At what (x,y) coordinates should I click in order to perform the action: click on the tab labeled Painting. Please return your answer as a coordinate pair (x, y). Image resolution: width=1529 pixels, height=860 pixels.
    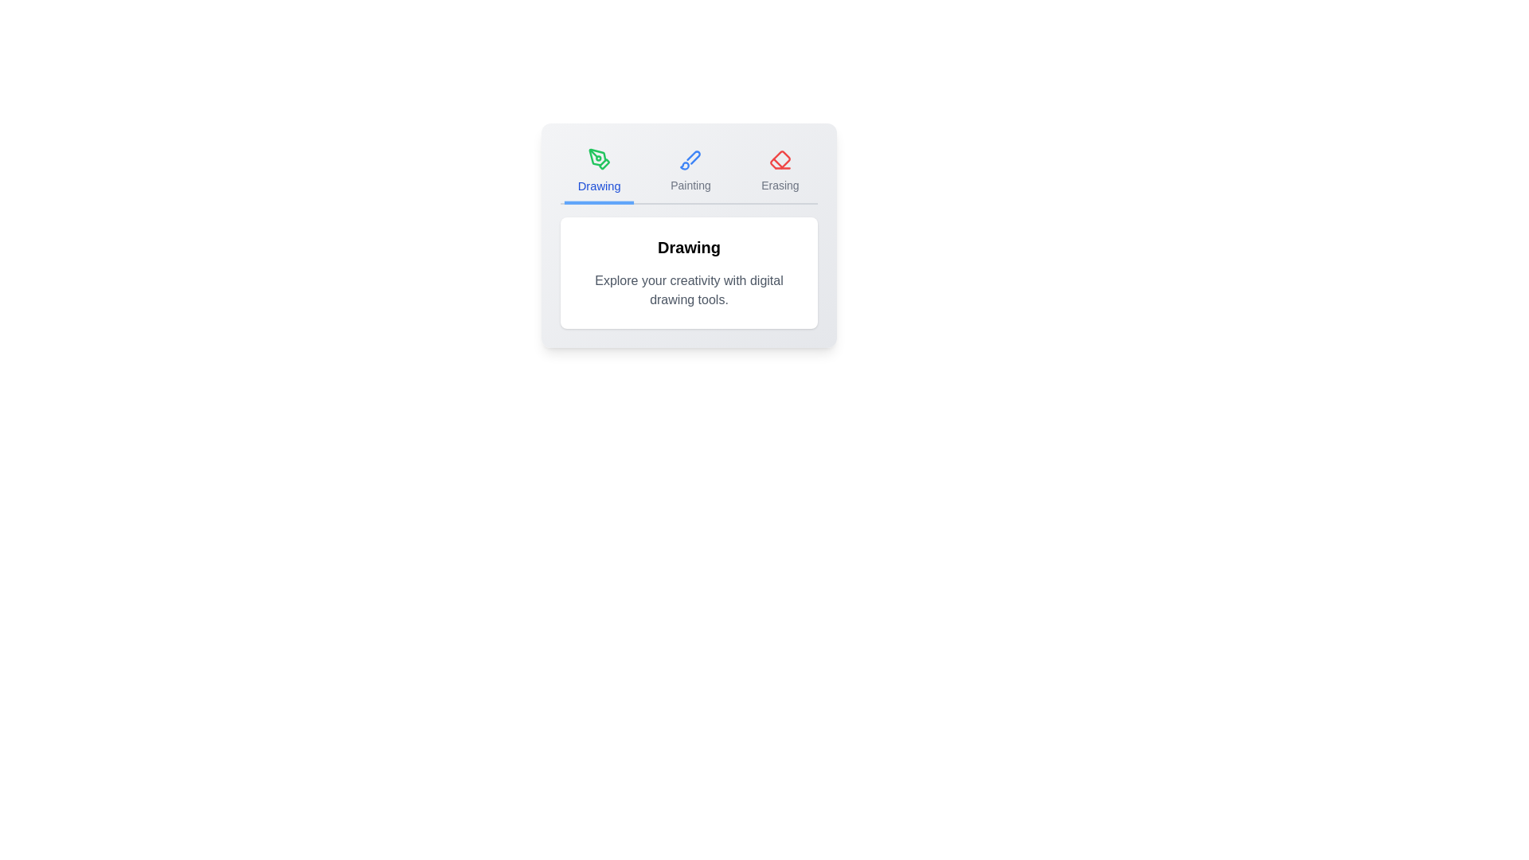
    Looking at the image, I should click on (690, 172).